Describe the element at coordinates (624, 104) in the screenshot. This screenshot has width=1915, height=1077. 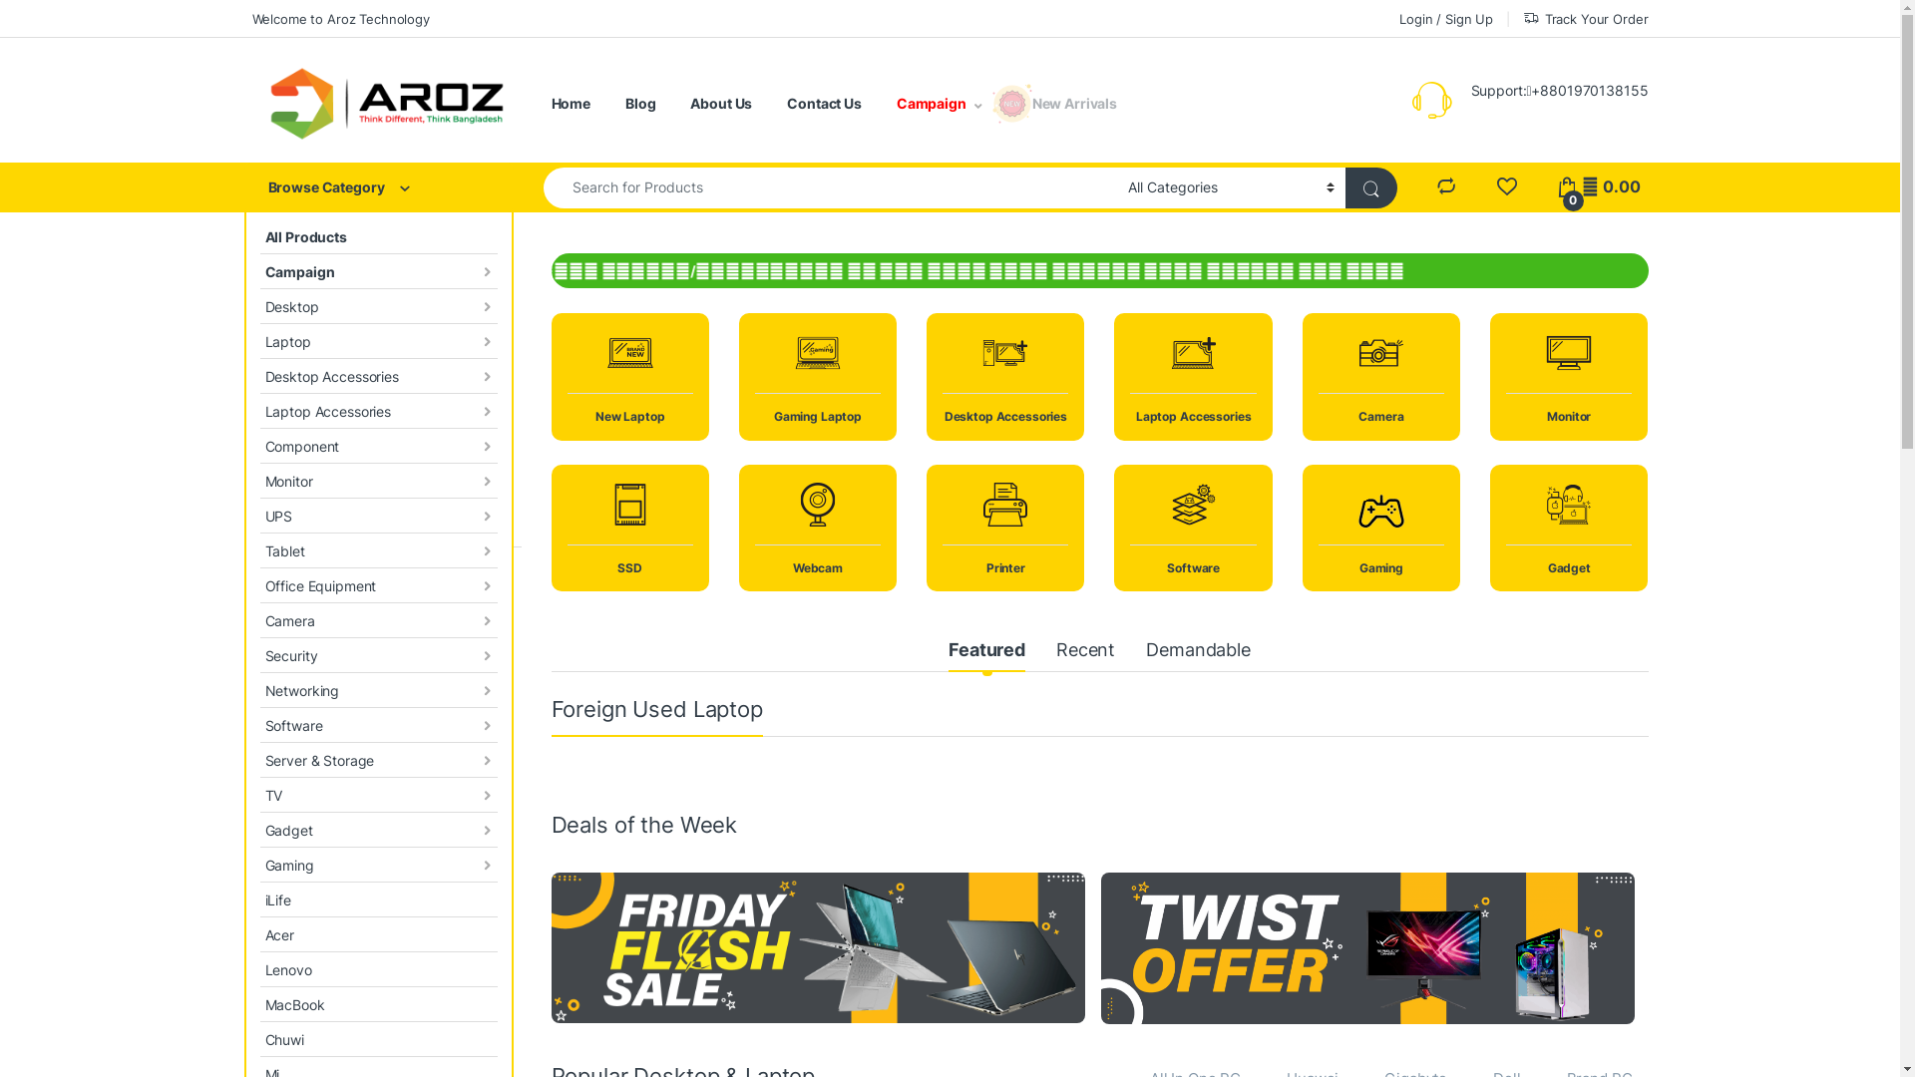
I see `'Blog'` at that location.